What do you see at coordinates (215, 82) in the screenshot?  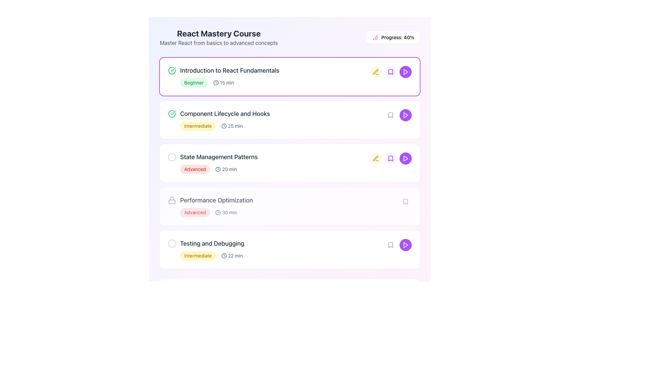 I see `the graphical icon within the SVG element, which represents a time-related icon, located in the top-right segment of the first list item in the React course modules section` at bounding box center [215, 82].